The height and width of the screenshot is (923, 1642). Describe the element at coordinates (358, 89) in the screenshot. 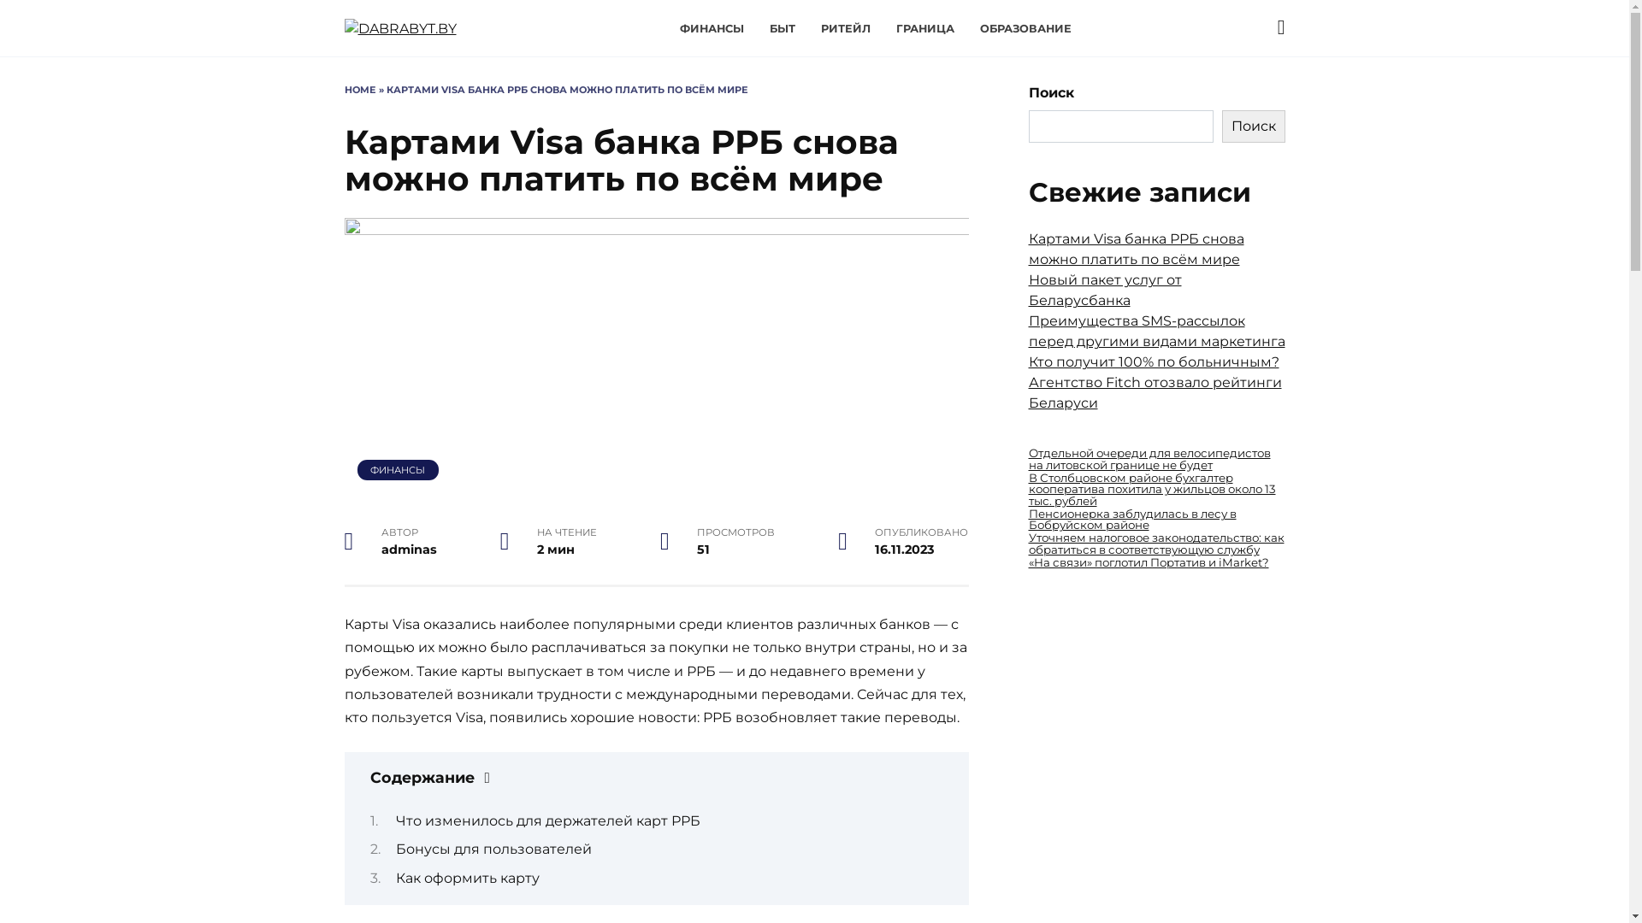

I see `'HOME'` at that location.